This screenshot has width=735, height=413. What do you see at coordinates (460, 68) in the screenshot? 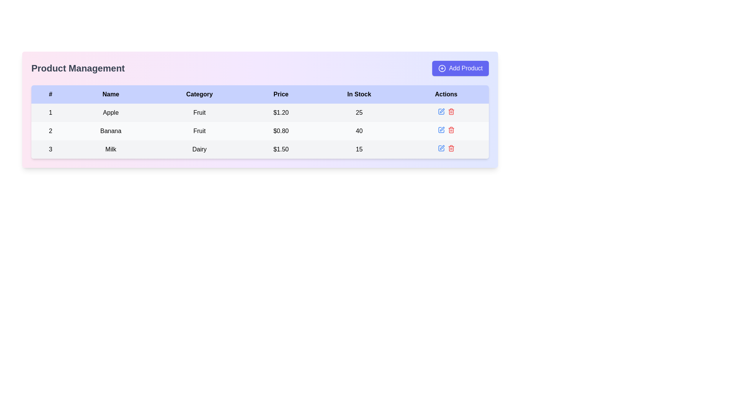
I see `the button located in the top-right corner of the interface to initiate adding a new product` at bounding box center [460, 68].